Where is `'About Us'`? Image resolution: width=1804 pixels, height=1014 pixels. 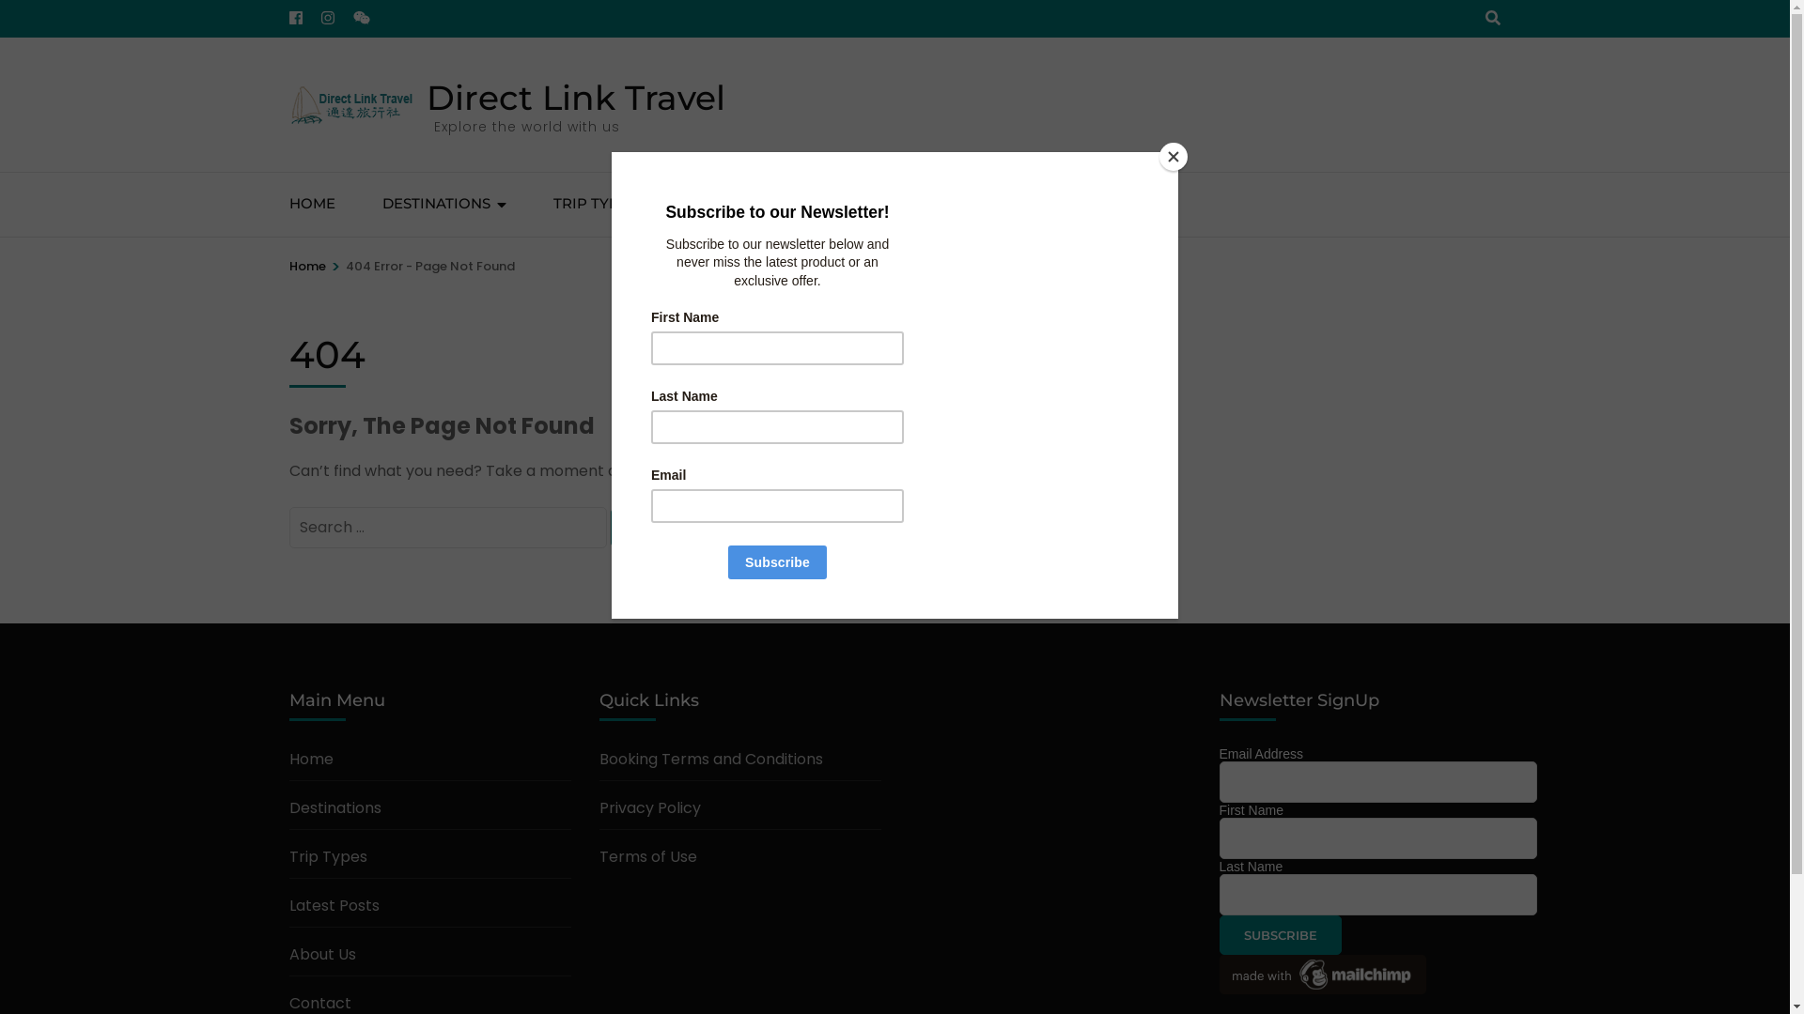
'About Us' is located at coordinates (322, 954).